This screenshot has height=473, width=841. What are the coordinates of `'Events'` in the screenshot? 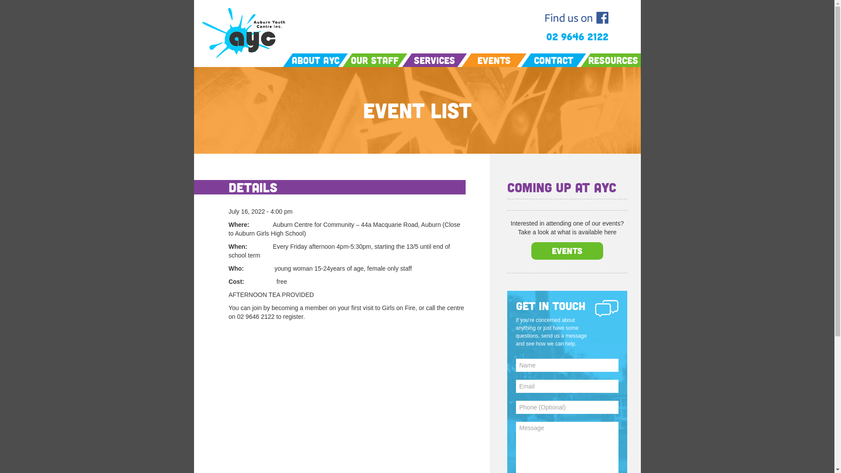 It's located at (494, 60).